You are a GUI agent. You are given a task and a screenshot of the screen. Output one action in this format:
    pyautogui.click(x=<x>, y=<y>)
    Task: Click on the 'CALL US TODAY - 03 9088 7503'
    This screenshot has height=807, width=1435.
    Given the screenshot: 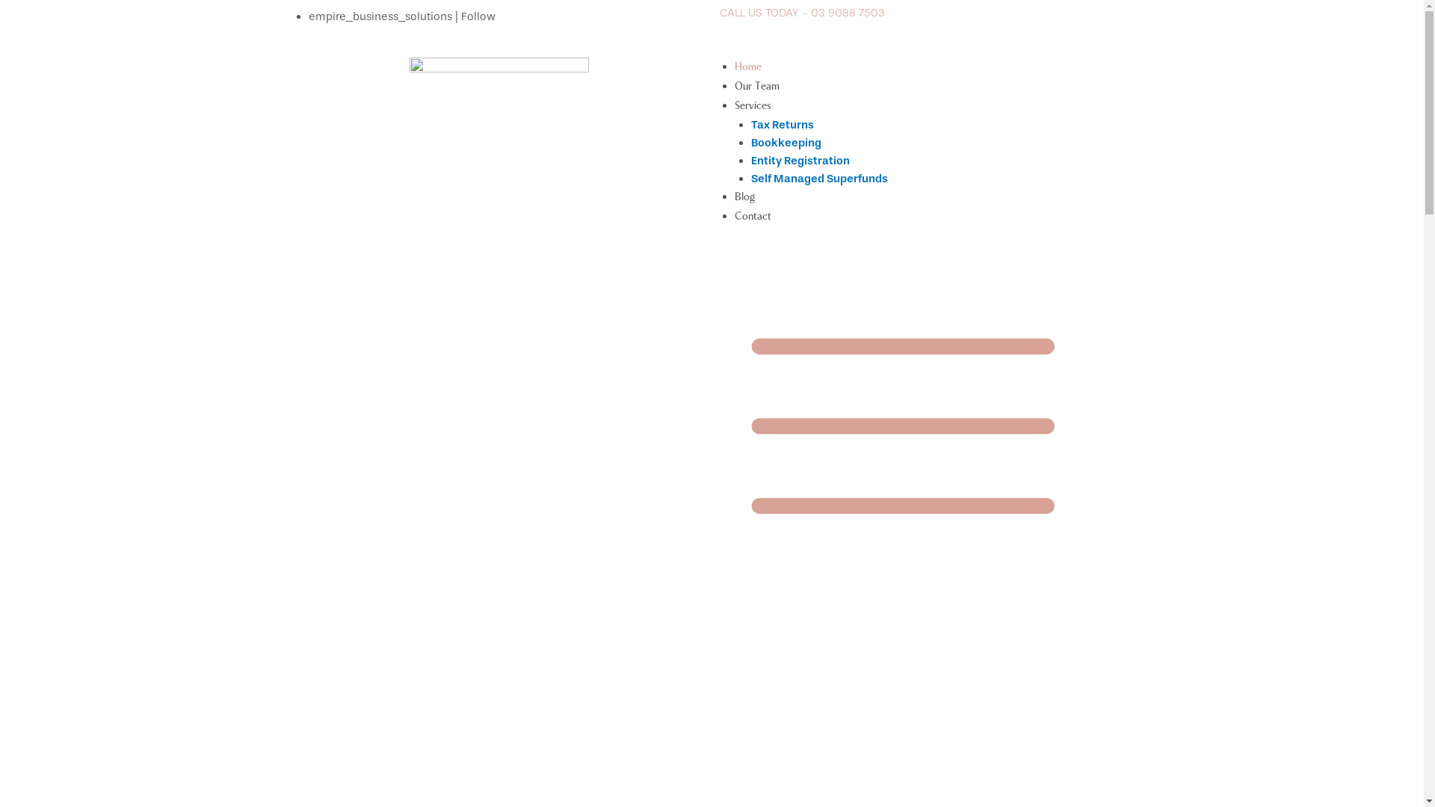 What is the action you would take?
    pyautogui.click(x=800, y=12)
    